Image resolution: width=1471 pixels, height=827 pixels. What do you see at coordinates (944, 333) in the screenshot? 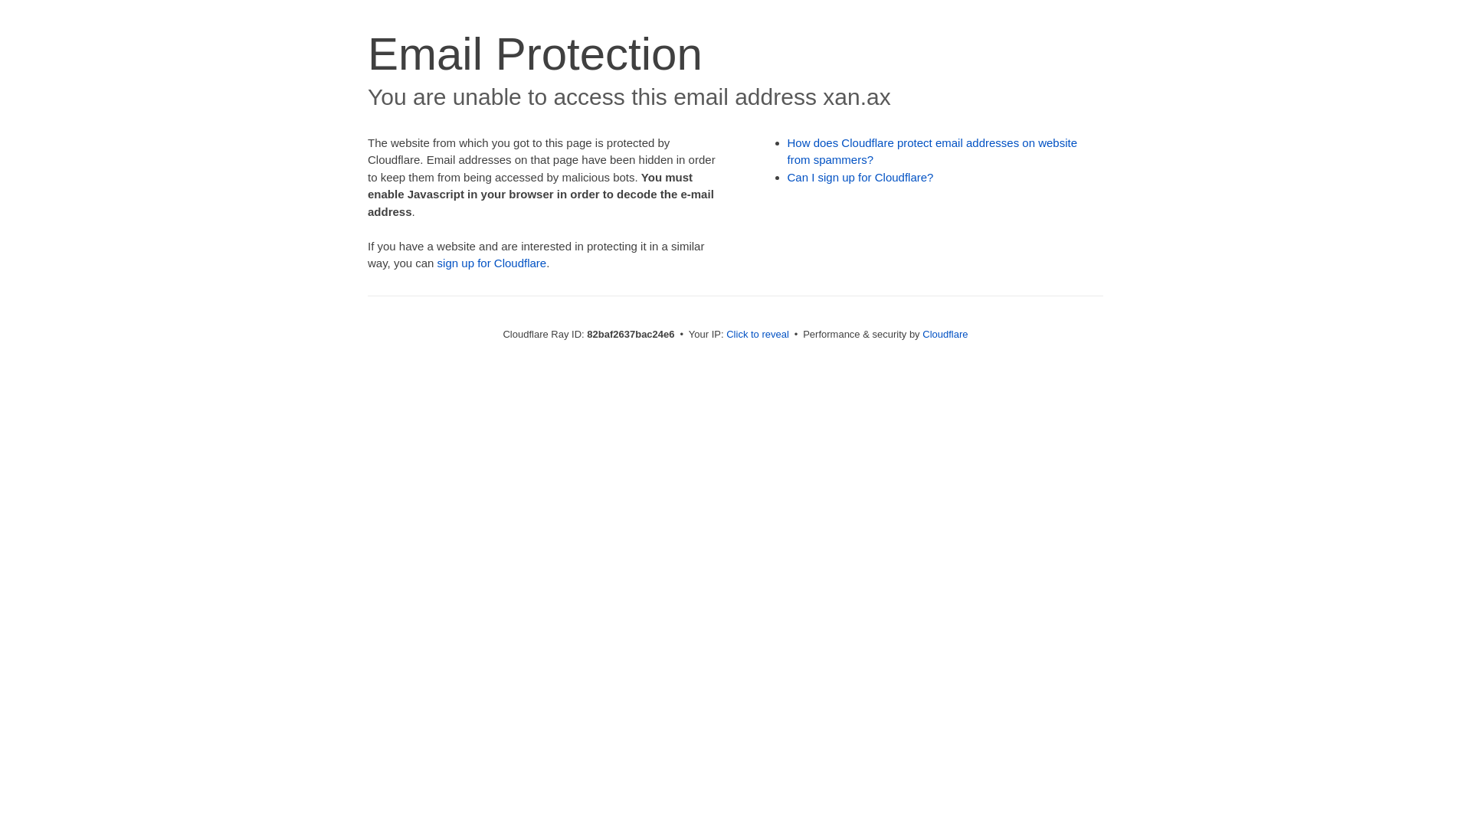
I see `'Cloudflare'` at bounding box center [944, 333].